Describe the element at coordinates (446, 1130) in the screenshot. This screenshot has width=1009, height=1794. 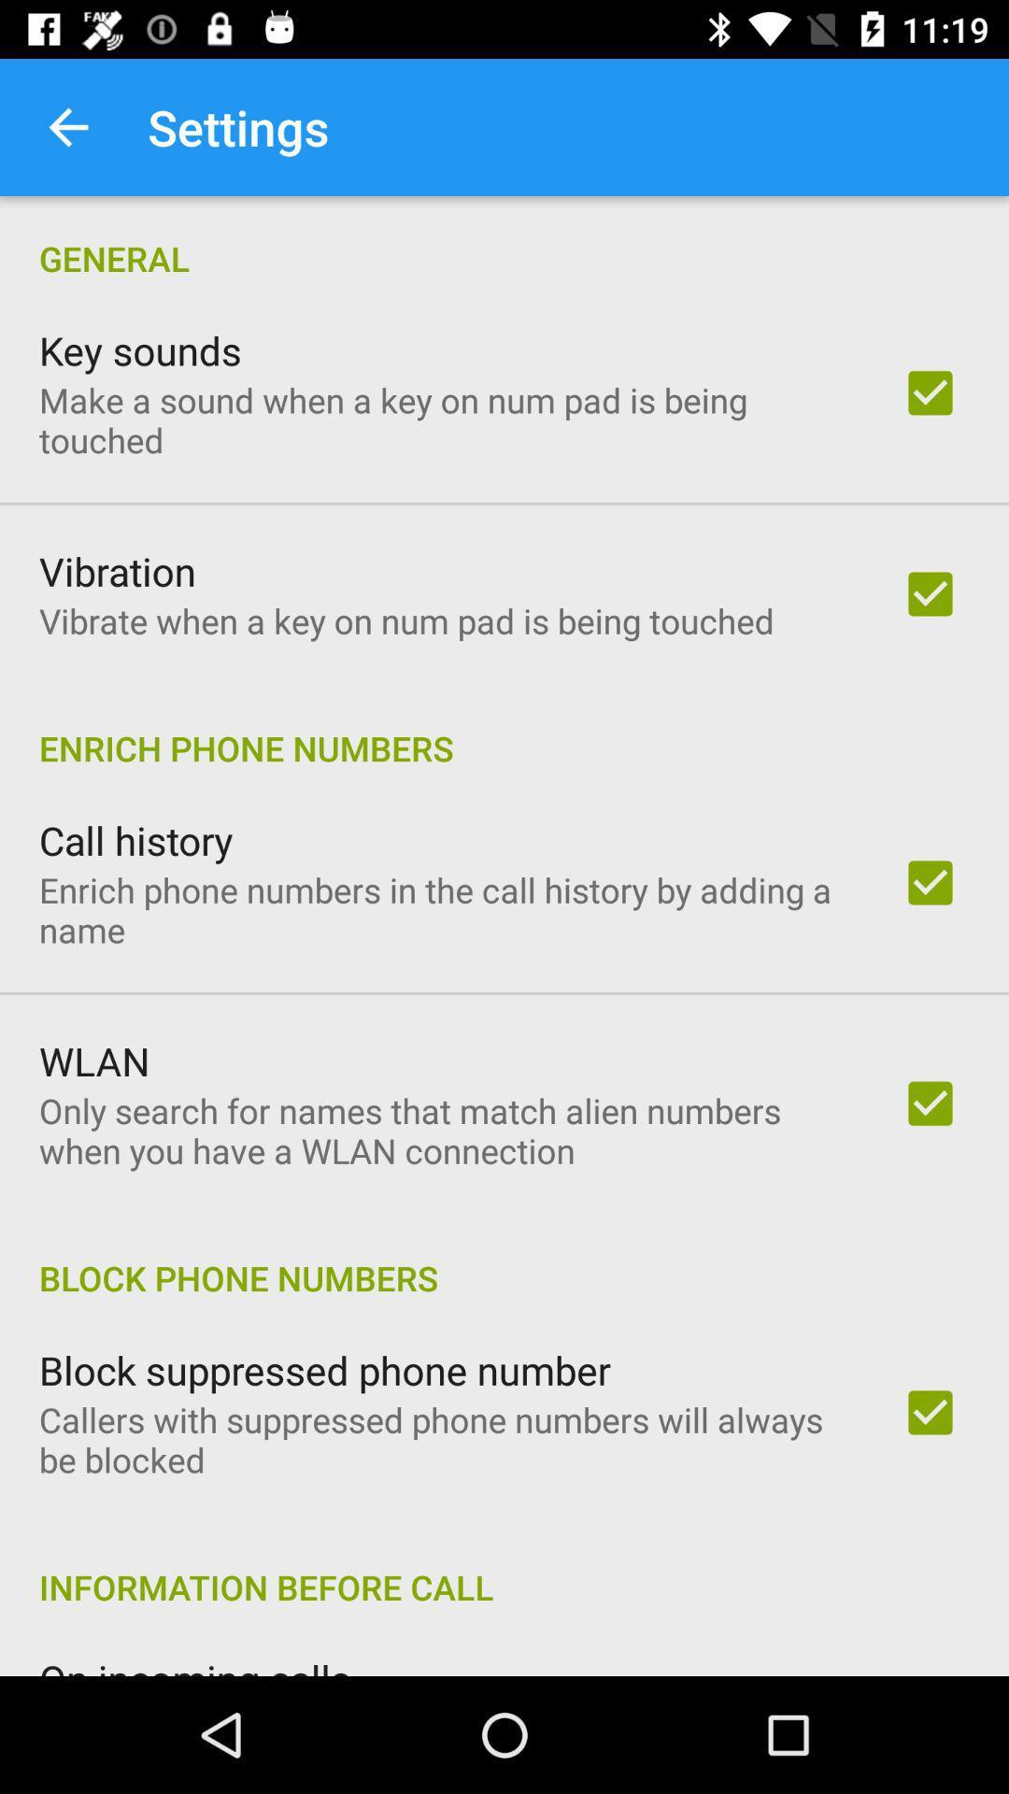
I see `icon below wlan icon` at that location.